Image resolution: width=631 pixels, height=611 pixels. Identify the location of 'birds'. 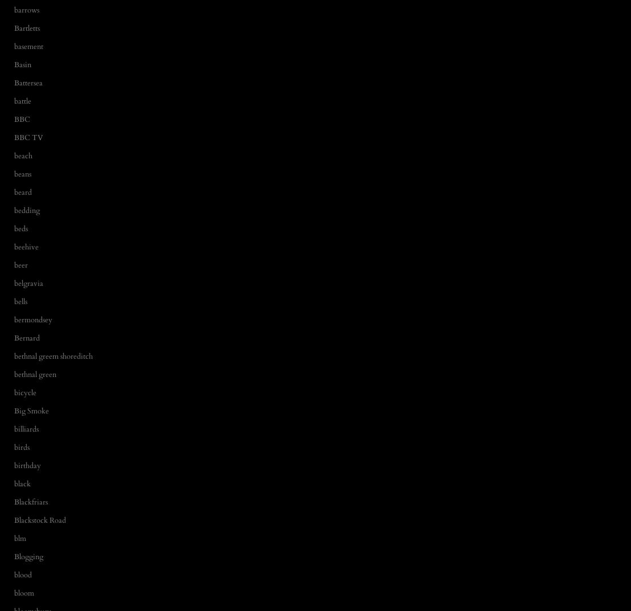
(22, 447).